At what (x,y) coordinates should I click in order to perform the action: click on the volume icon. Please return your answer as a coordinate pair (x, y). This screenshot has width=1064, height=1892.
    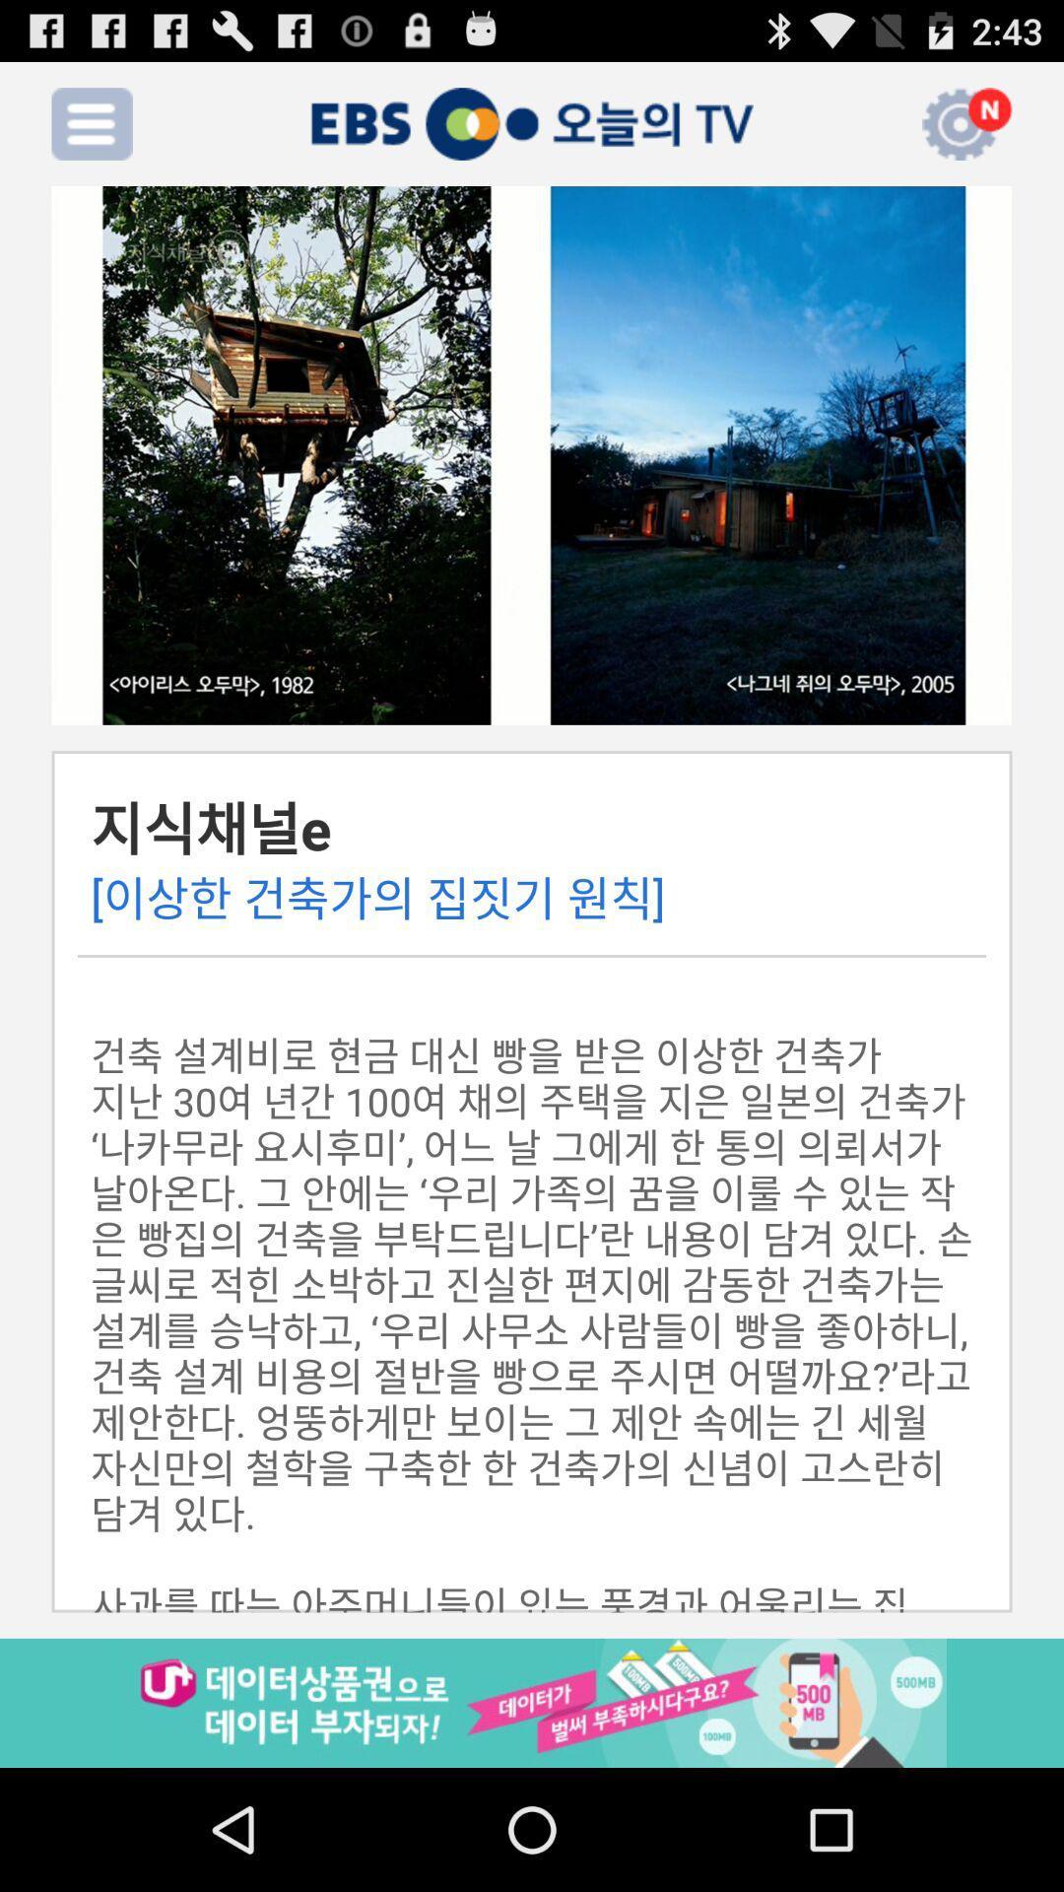
    Looking at the image, I should click on (882, 131).